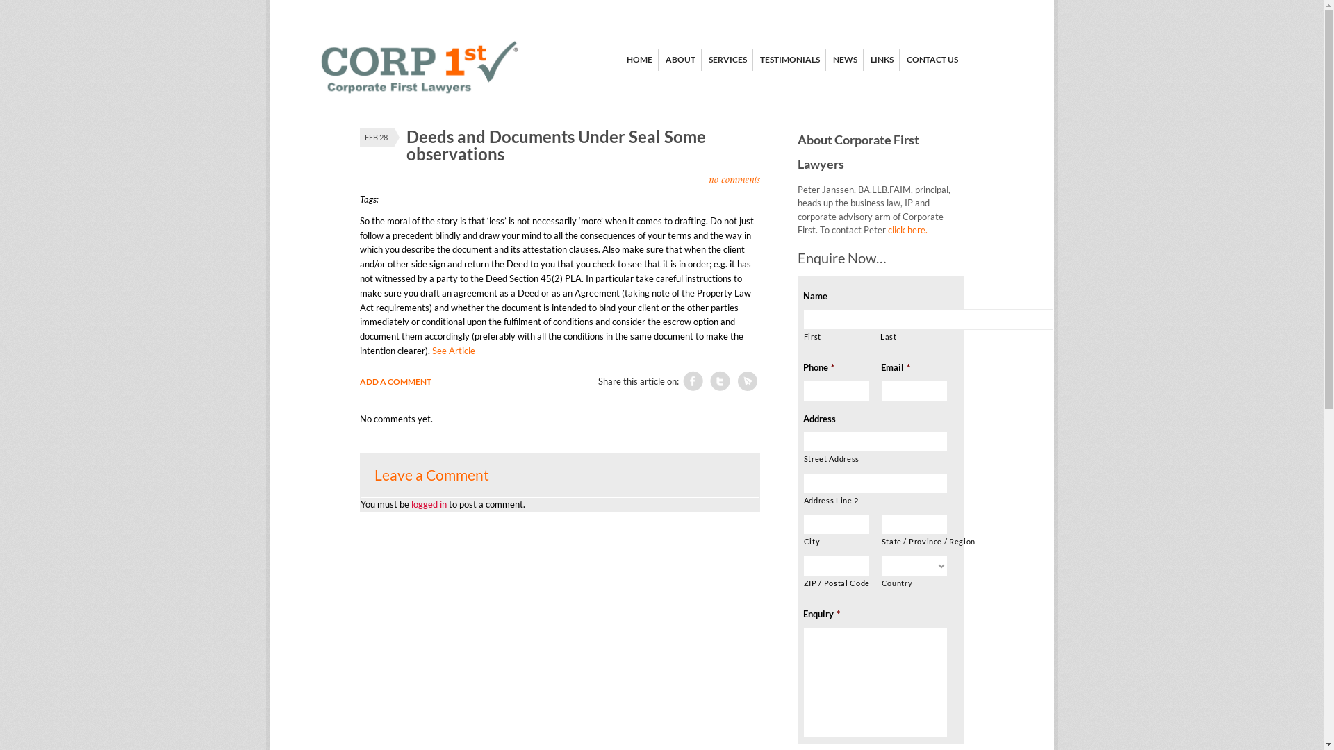 Image resolution: width=1334 pixels, height=750 pixels. Describe the element at coordinates (907, 229) in the screenshot. I see `'click here.'` at that location.